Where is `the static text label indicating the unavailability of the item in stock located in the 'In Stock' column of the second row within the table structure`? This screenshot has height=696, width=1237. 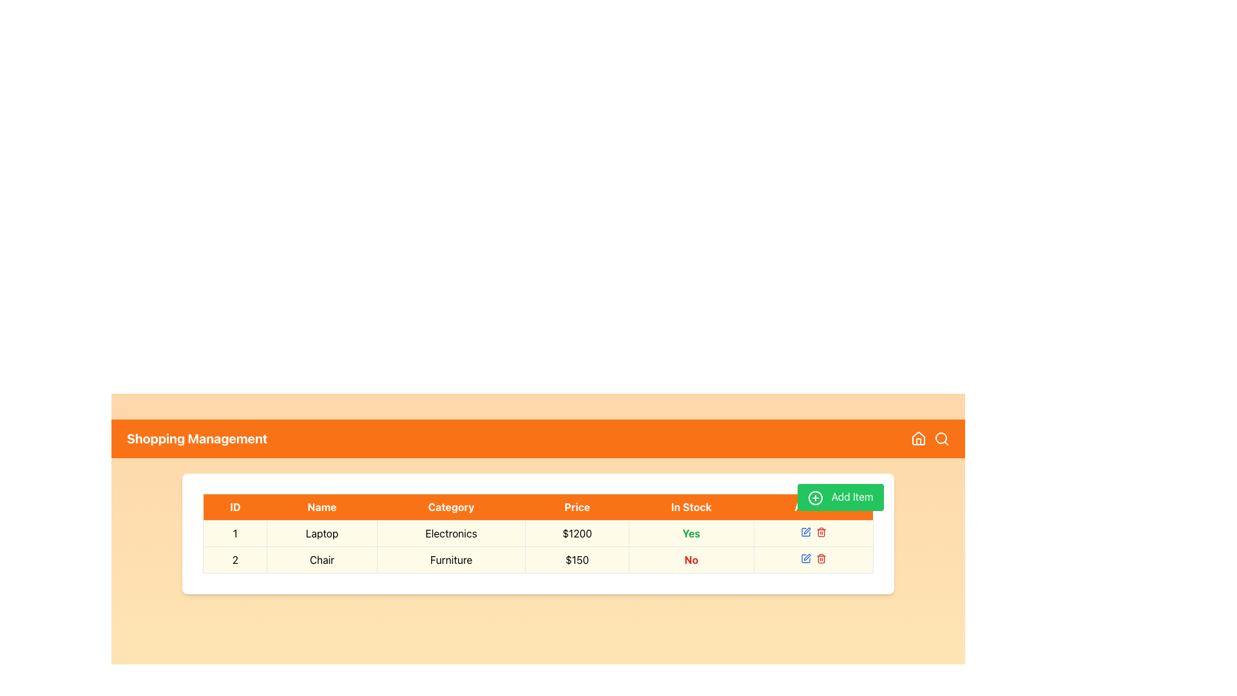 the static text label indicating the unavailability of the item in stock located in the 'In Stock' column of the second row within the table structure is located at coordinates (691, 559).